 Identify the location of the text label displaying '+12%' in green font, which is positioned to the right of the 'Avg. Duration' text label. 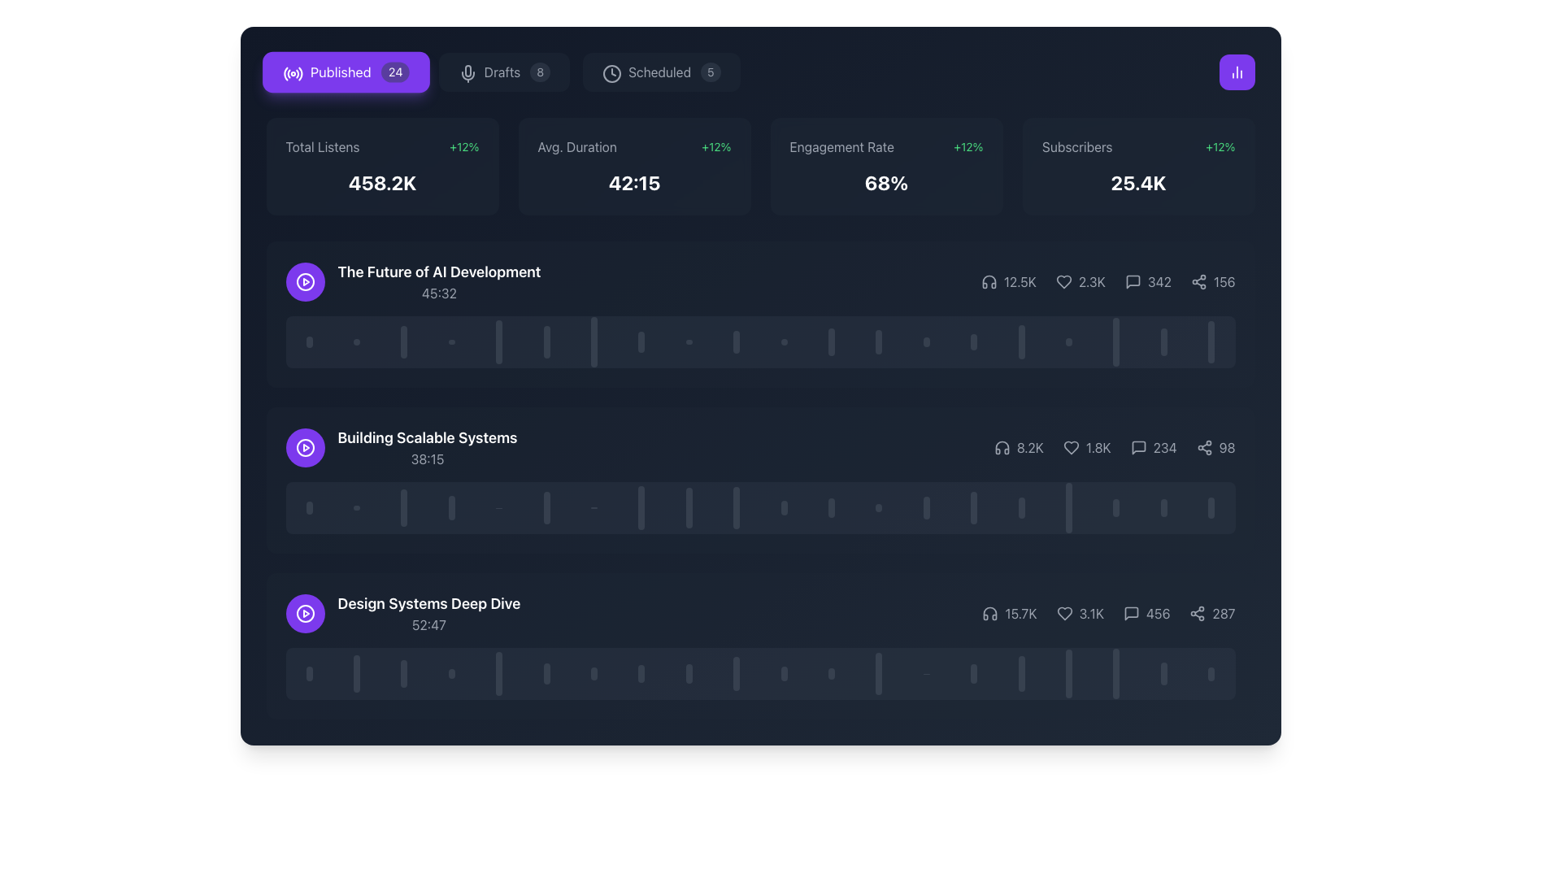
(715, 147).